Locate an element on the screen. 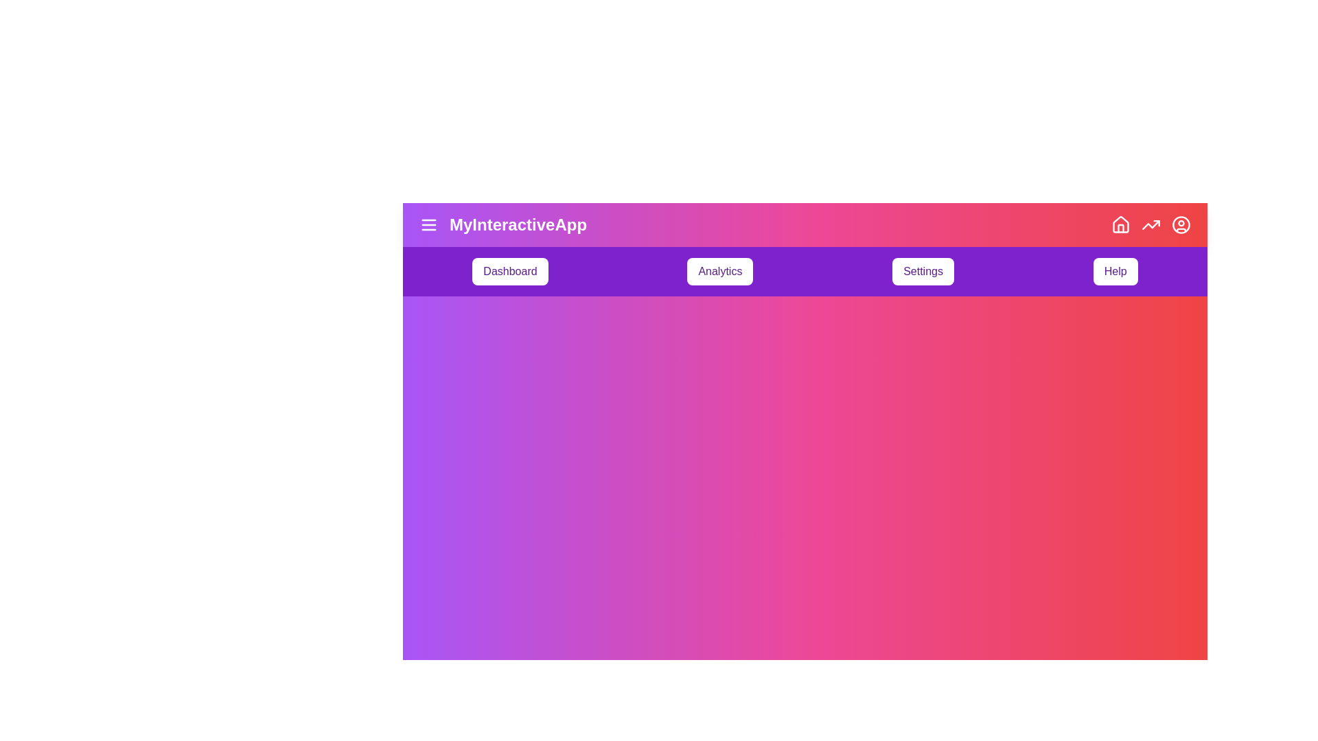 Image resolution: width=1318 pixels, height=741 pixels. the 'Analytics' button to navigate to the Analytics section is located at coordinates (719, 272).